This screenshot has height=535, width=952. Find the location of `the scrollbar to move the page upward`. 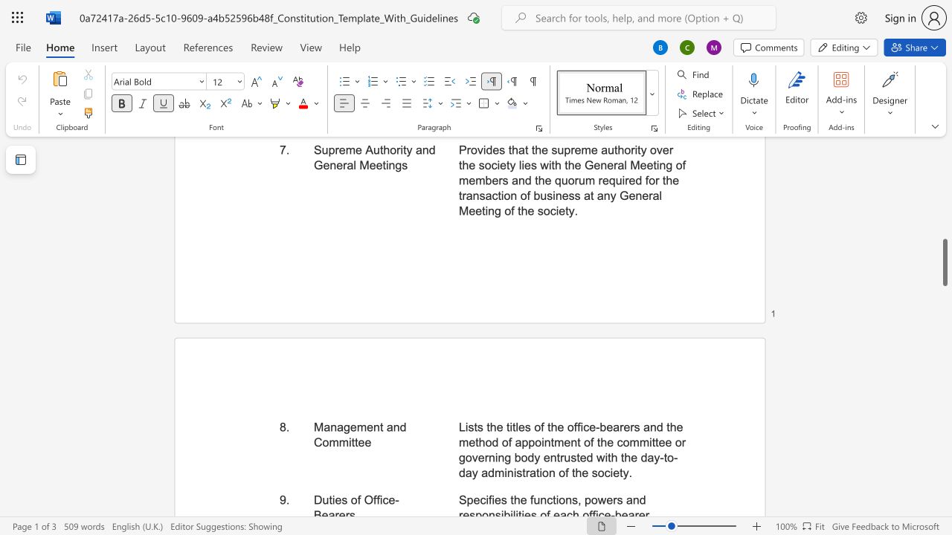

the scrollbar to move the page upward is located at coordinates (944, 184).